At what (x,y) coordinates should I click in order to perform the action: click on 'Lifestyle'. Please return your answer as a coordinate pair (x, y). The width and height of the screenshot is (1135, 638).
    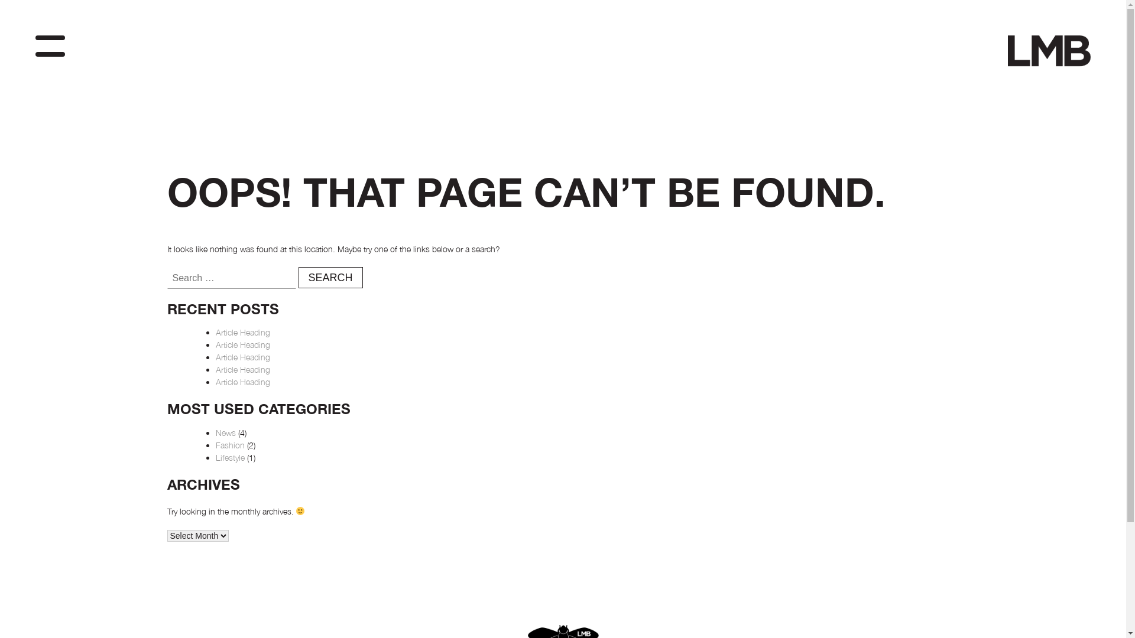
    Looking at the image, I should click on (229, 457).